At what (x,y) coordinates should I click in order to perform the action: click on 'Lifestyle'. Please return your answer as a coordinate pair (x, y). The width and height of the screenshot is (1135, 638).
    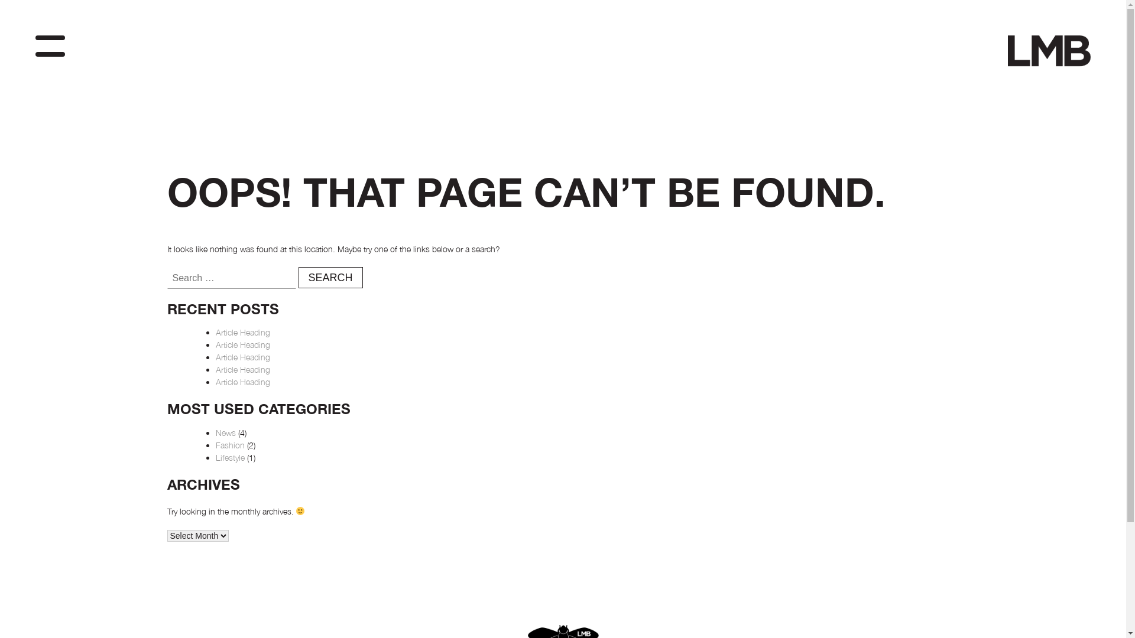
    Looking at the image, I should click on (229, 457).